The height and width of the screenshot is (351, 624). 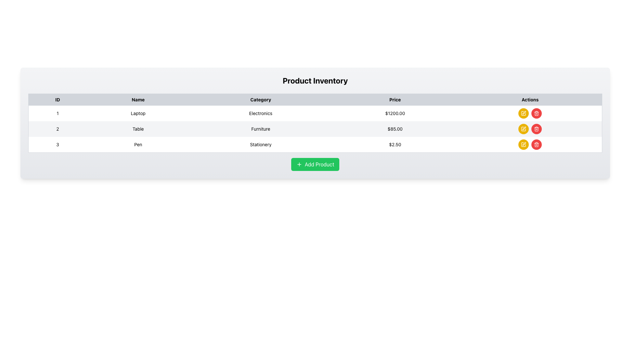 What do you see at coordinates (315, 129) in the screenshot?
I see `the second row of the Product Inventory table, which contains the ID '2', product name 'Table', category 'Furniture', and price '$85.00'` at bounding box center [315, 129].